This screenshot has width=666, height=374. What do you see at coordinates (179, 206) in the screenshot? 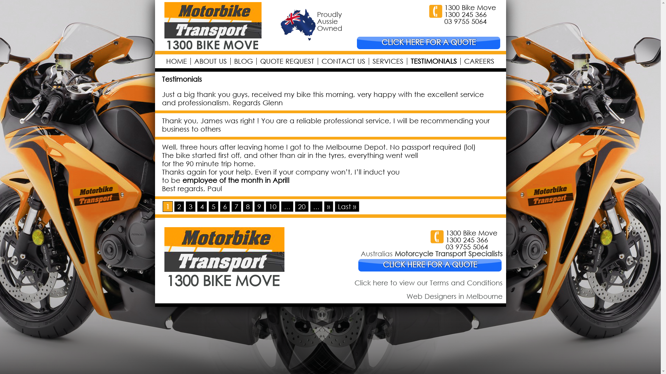
I see `'2'` at bounding box center [179, 206].